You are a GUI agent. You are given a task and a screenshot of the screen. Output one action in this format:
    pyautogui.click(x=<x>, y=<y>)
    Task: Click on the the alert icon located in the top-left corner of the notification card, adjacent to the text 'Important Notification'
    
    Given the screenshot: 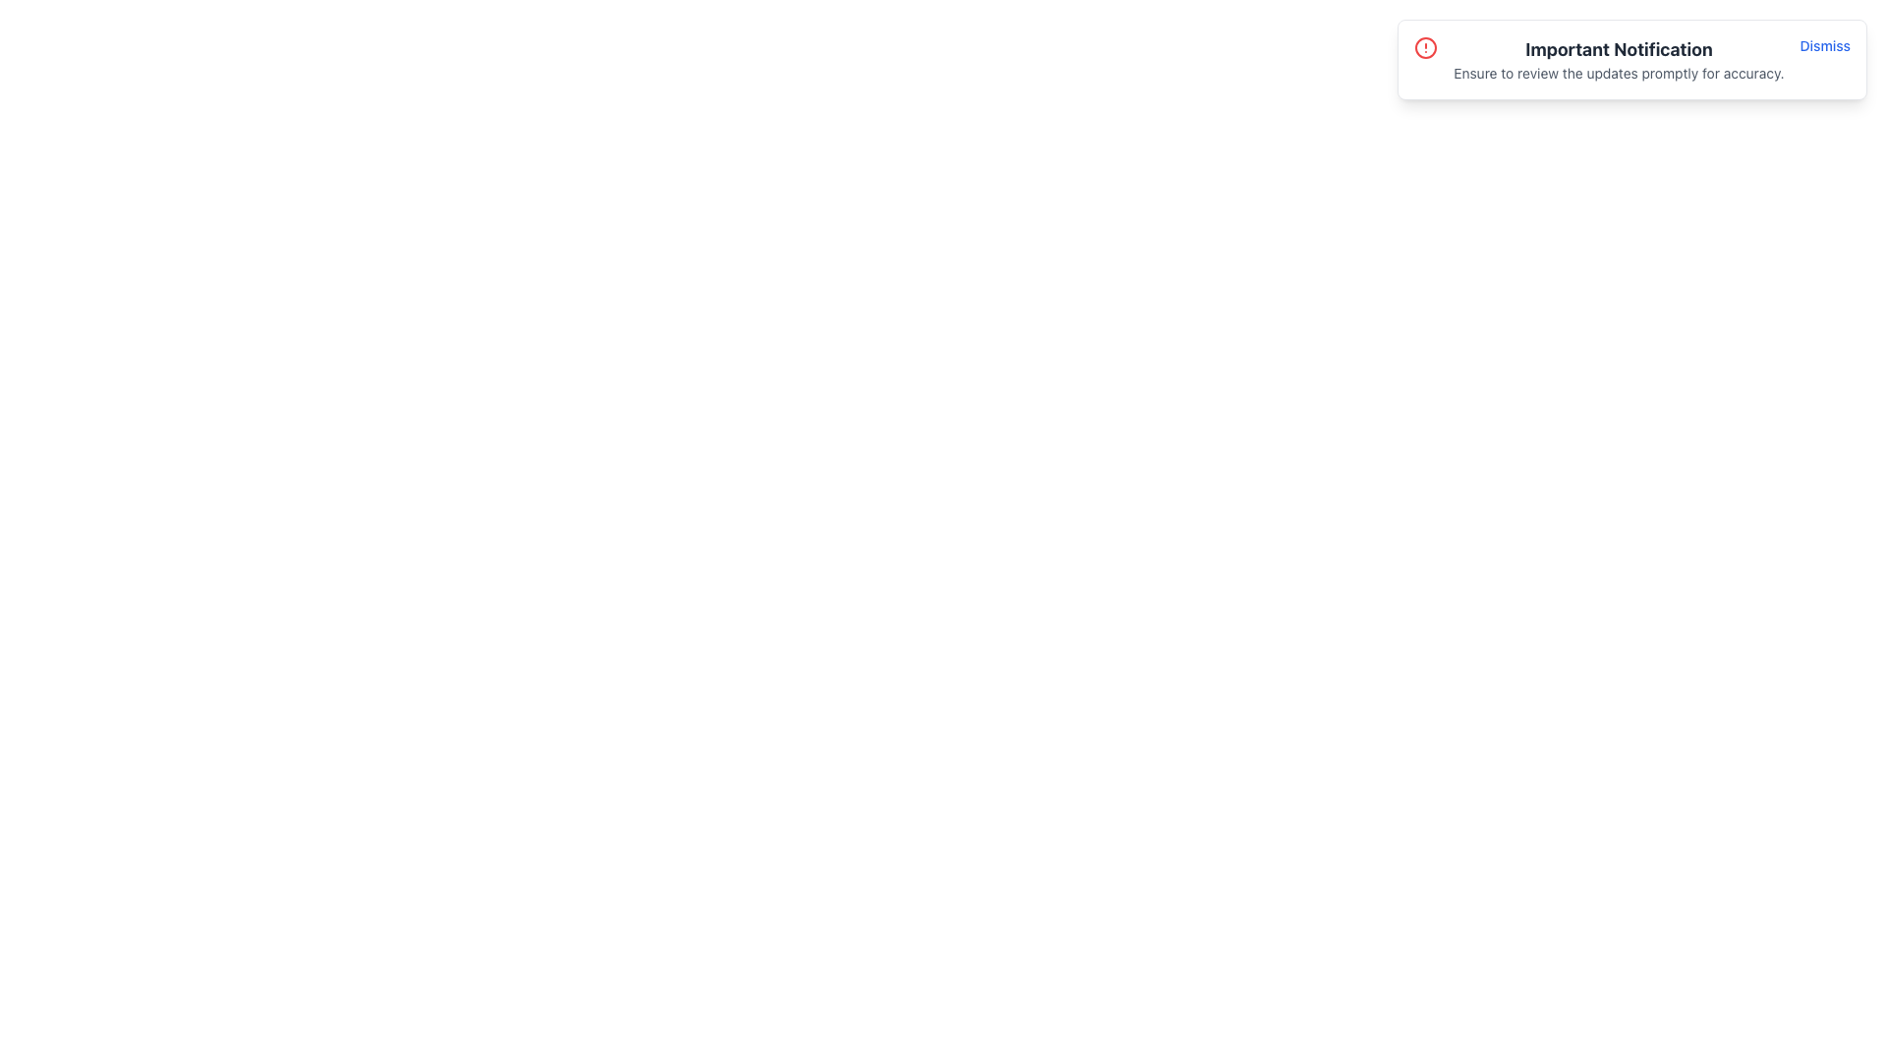 What is the action you would take?
    pyautogui.click(x=1426, y=47)
    